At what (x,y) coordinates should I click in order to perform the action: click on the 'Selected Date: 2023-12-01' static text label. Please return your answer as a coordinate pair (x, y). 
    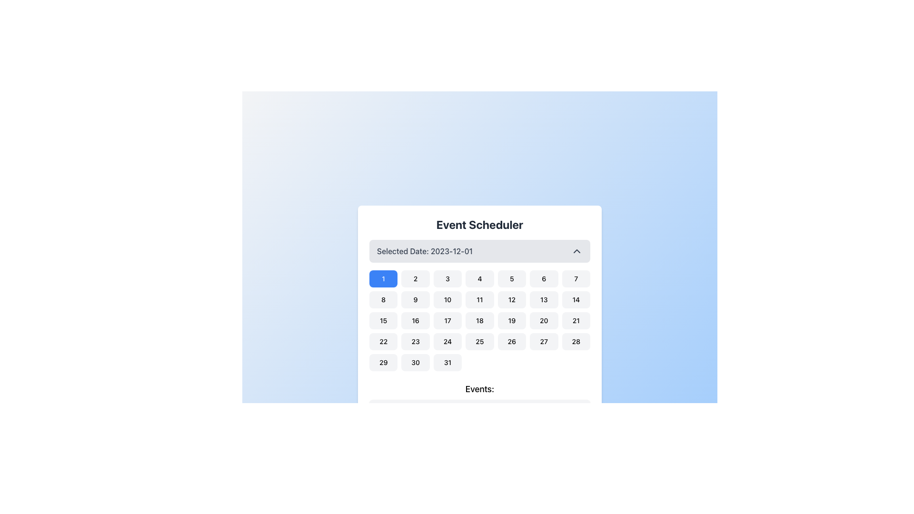
    Looking at the image, I should click on (424, 251).